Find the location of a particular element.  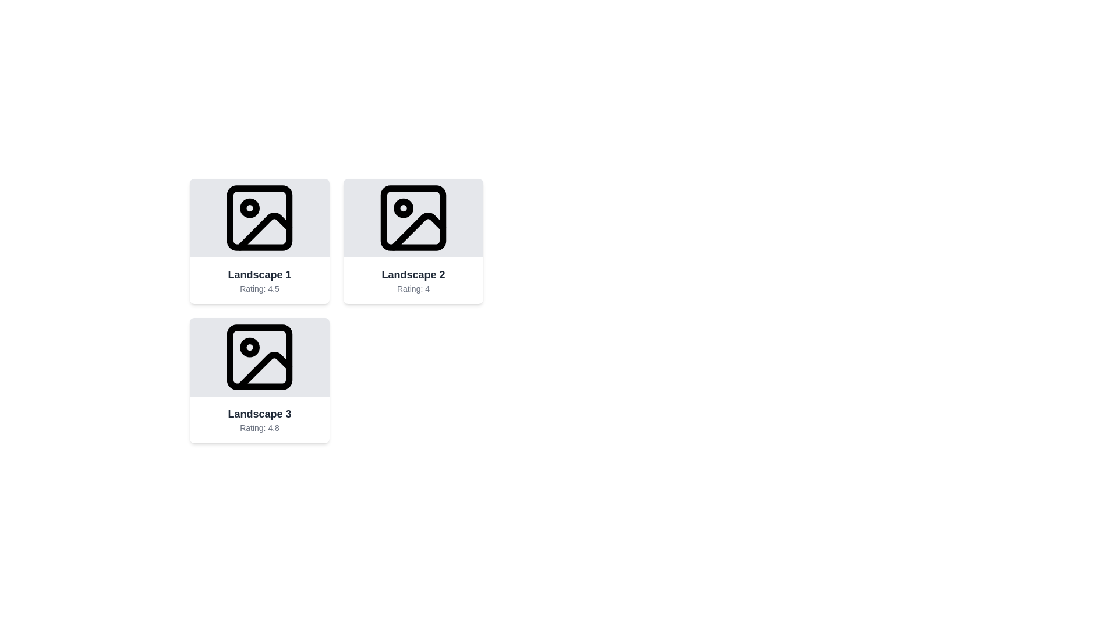

the text label displaying 'Landscape 1' to focus it, which is styled in a larger bold font and located in the first card of a grid layout is located at coordinates (259, 274).